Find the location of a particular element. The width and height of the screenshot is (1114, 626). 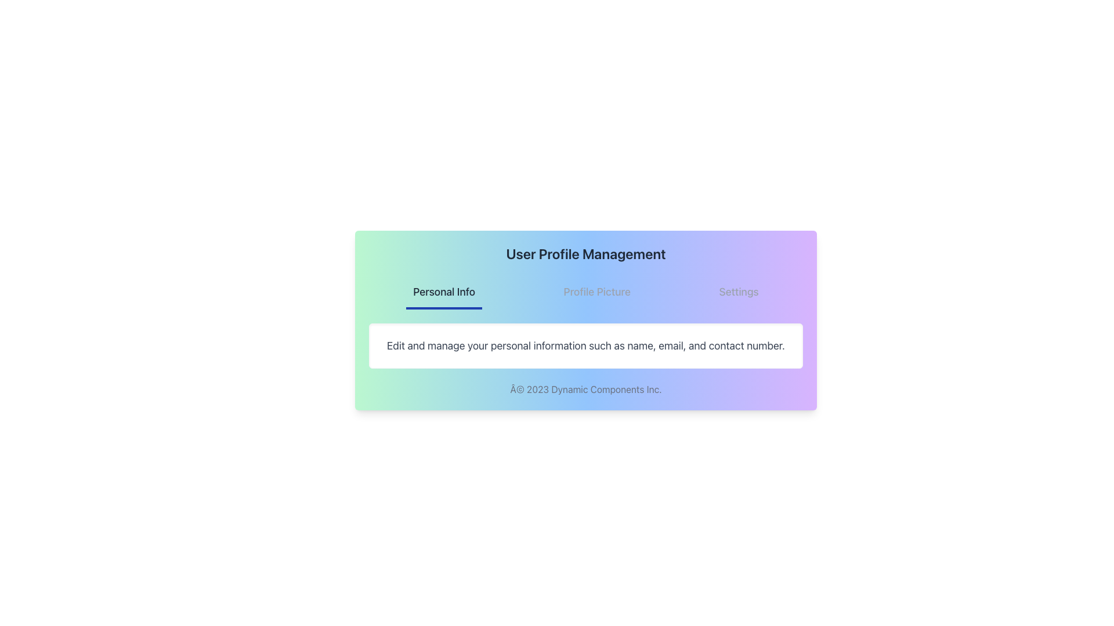

copyright information displayed at the bottom of the user profile management card section is located at coordinates (585, 389).